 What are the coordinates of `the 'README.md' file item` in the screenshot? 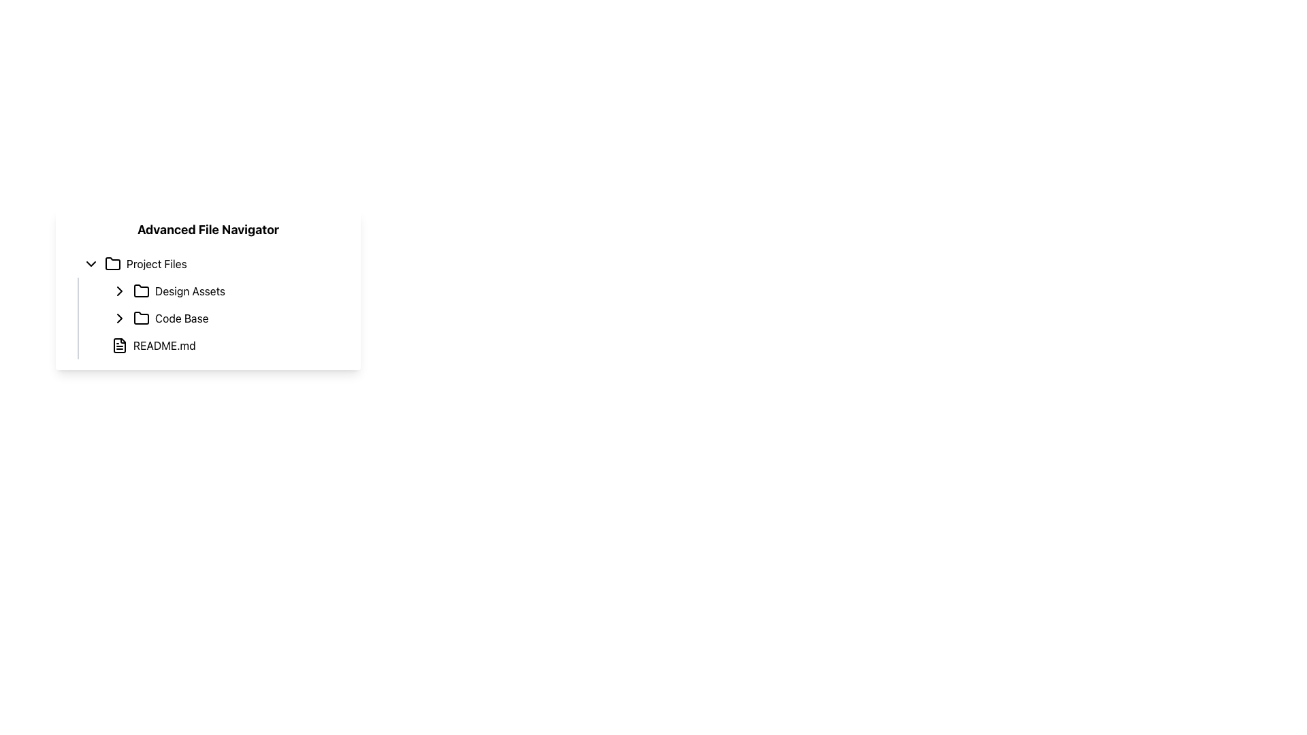 It's located at (163, 345).